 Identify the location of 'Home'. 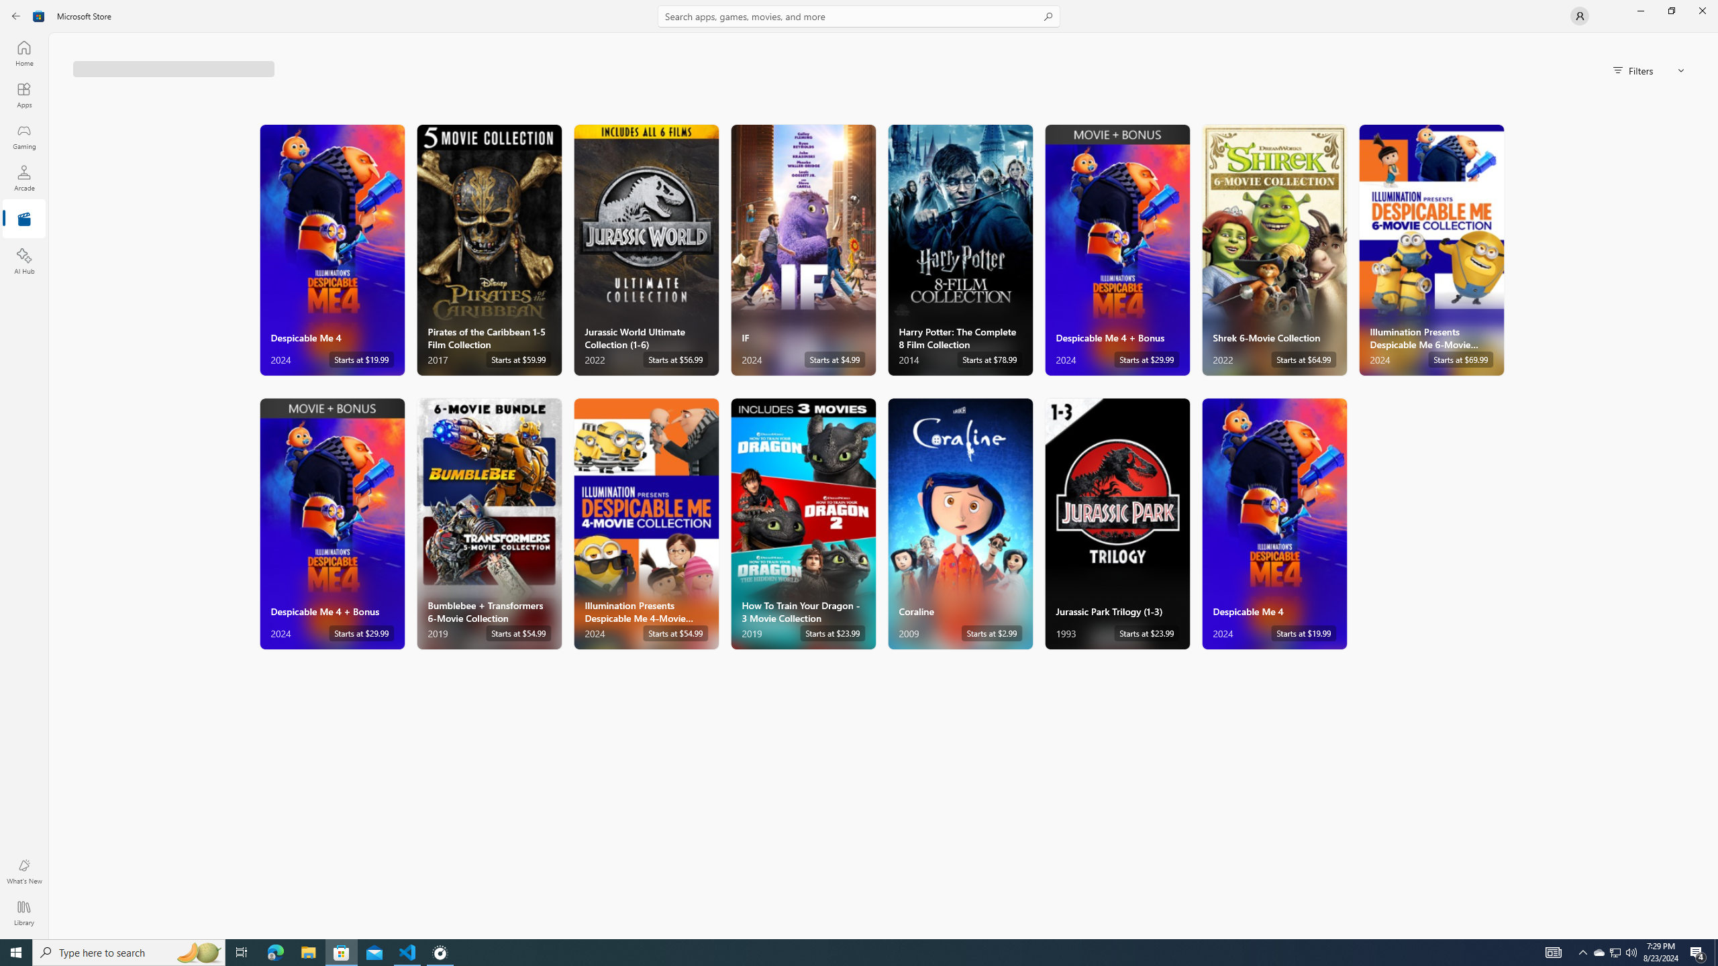
(23, 52).